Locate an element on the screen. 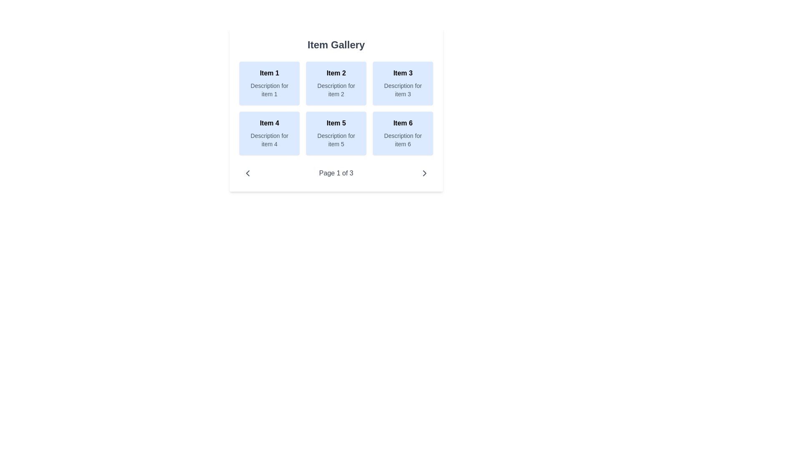 The height and width of the screenshot is (450, 801). the Content card displaying information about 'Item 4' located in the second row and first column of the grid layout is located at coordinates (270, 133).